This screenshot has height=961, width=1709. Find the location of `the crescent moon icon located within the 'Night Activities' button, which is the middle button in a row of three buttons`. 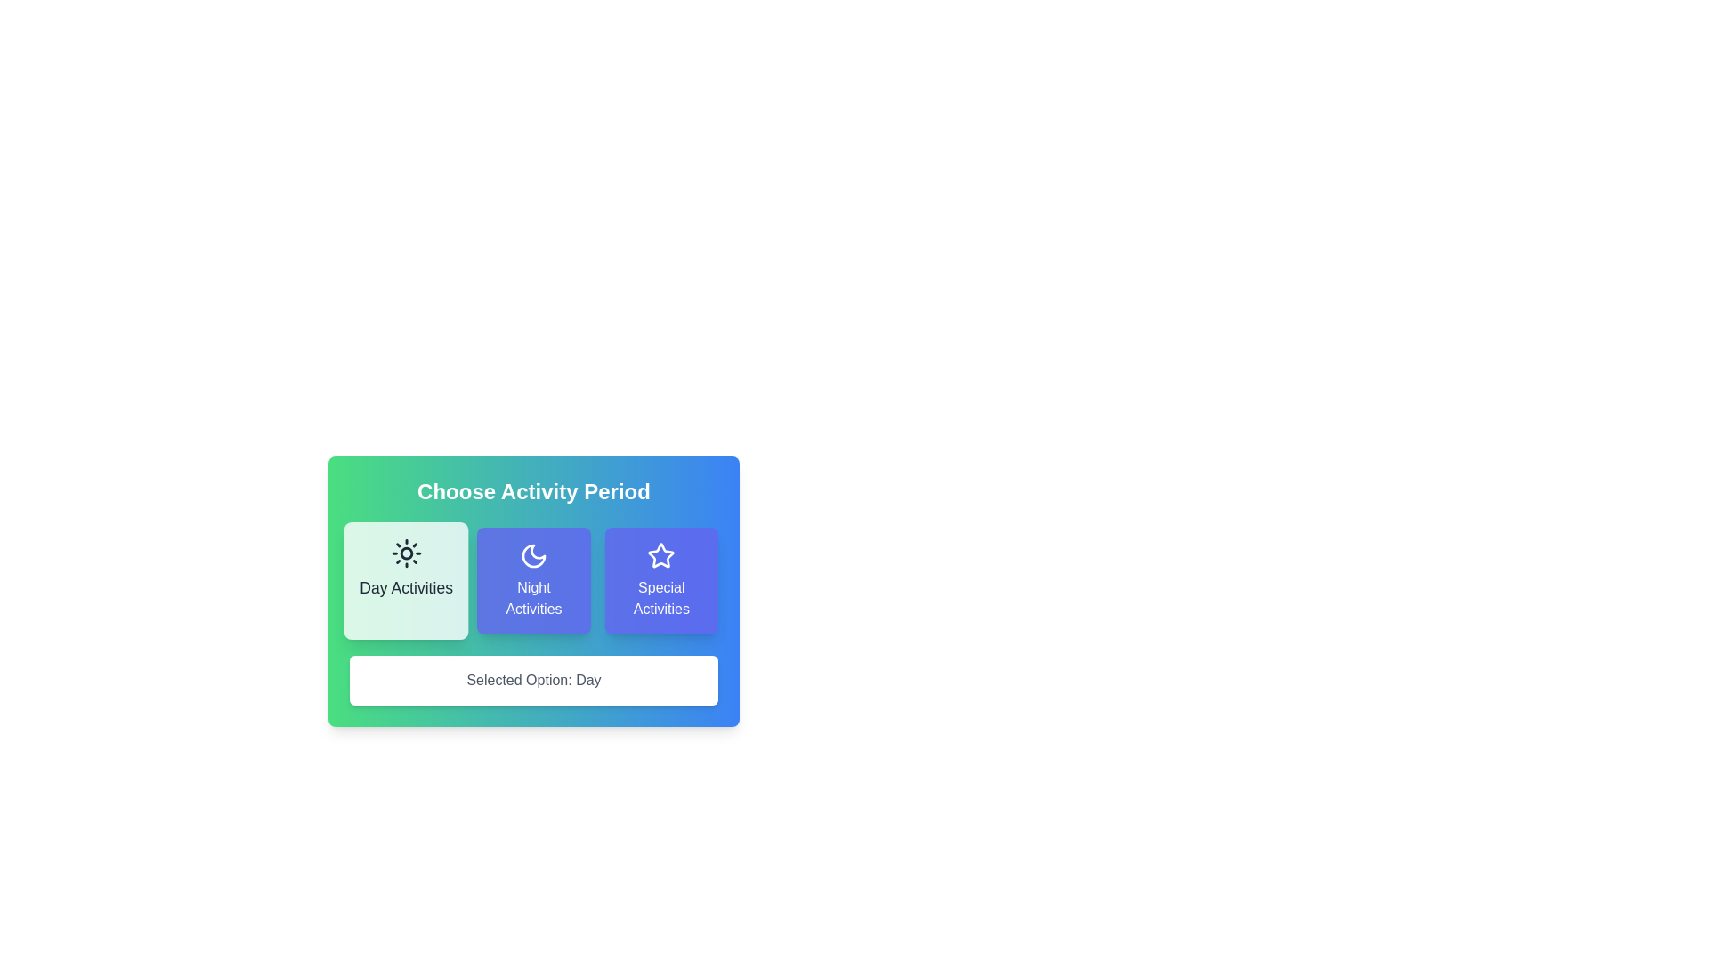

the crescent moon icon located within the 'Night Activities' button, which is the middle button in a row of three buttons is located at coordinates (533, 554).